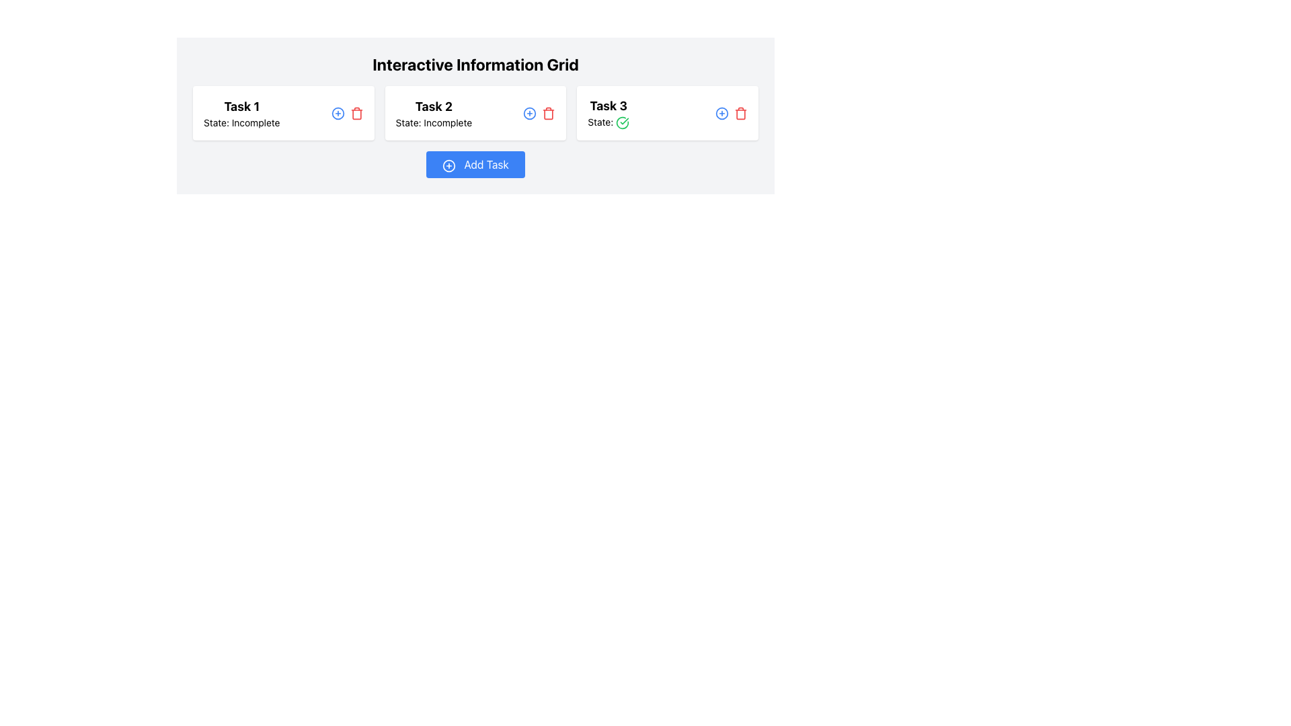 The height and width of the screenshot is (726, 1291). What do you see at coordinates (449, 165) in the screenshot?
I see `the circular icon element that is part of the 'Add Task' button, located above the button label and styled in blue` at bounding box center [449, 165].